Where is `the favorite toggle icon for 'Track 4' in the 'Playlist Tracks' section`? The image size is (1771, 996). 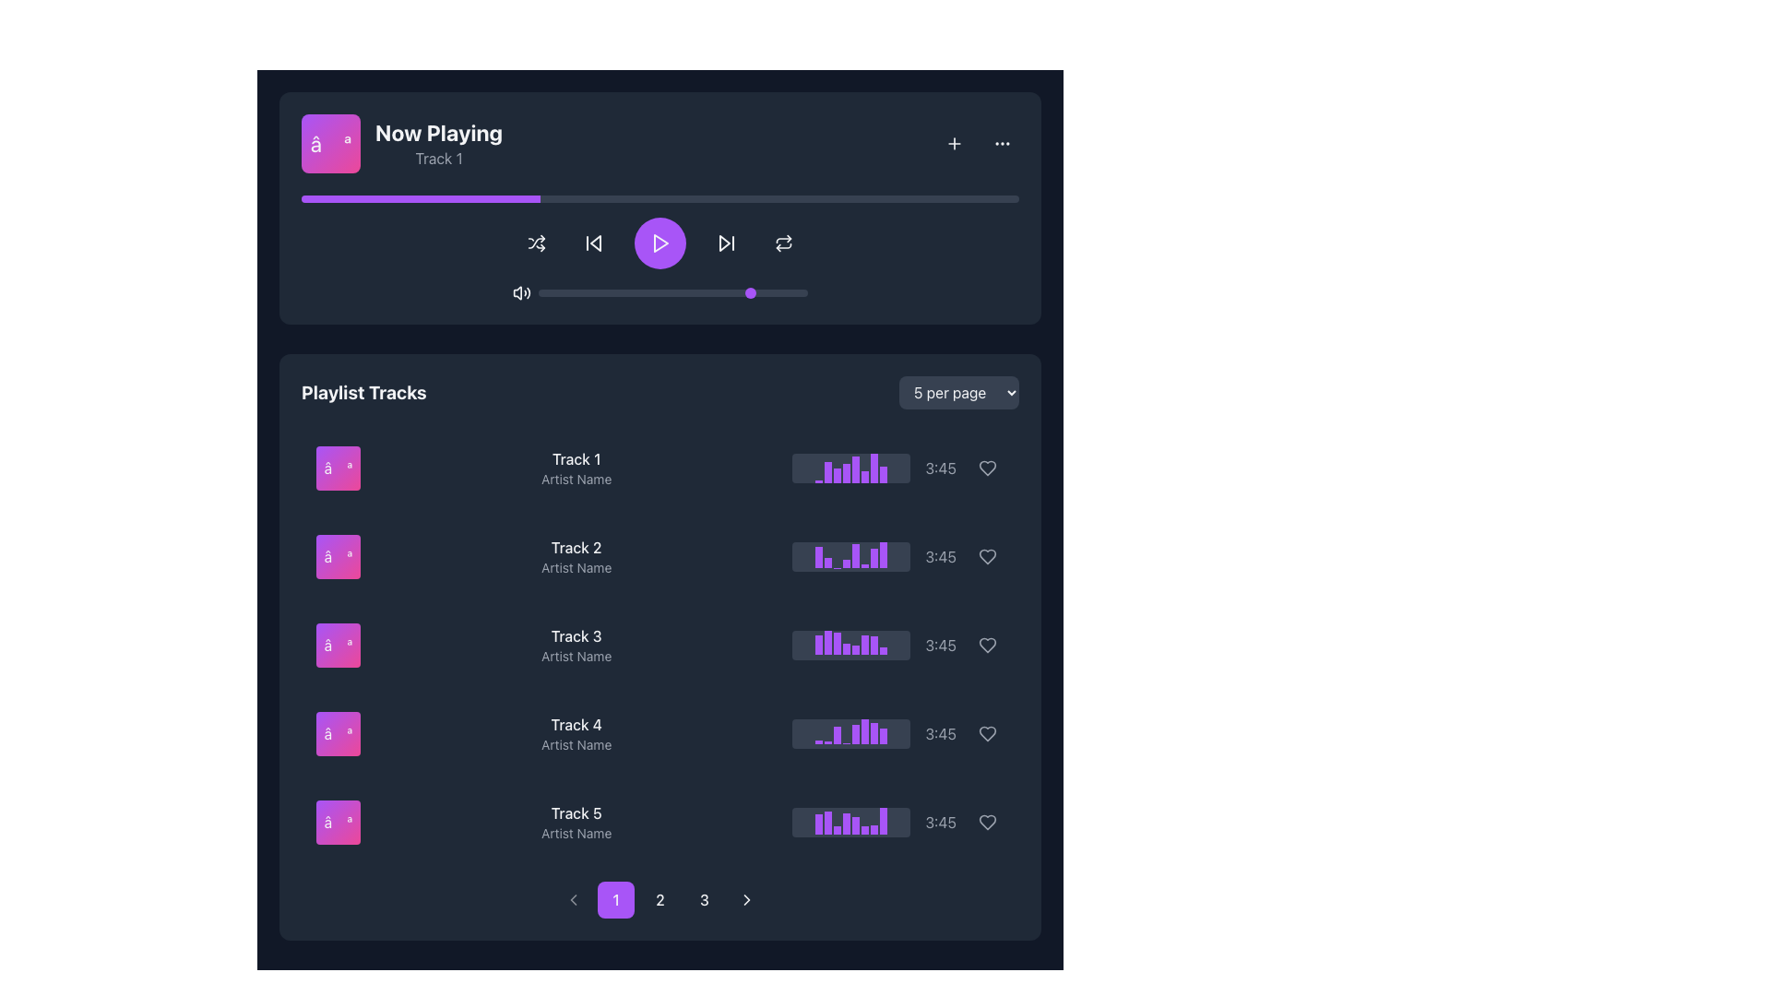 the favorite toggle icon for 'Track 4' in the 'Playlist Tracks' section is located at coordinates (986, 732).